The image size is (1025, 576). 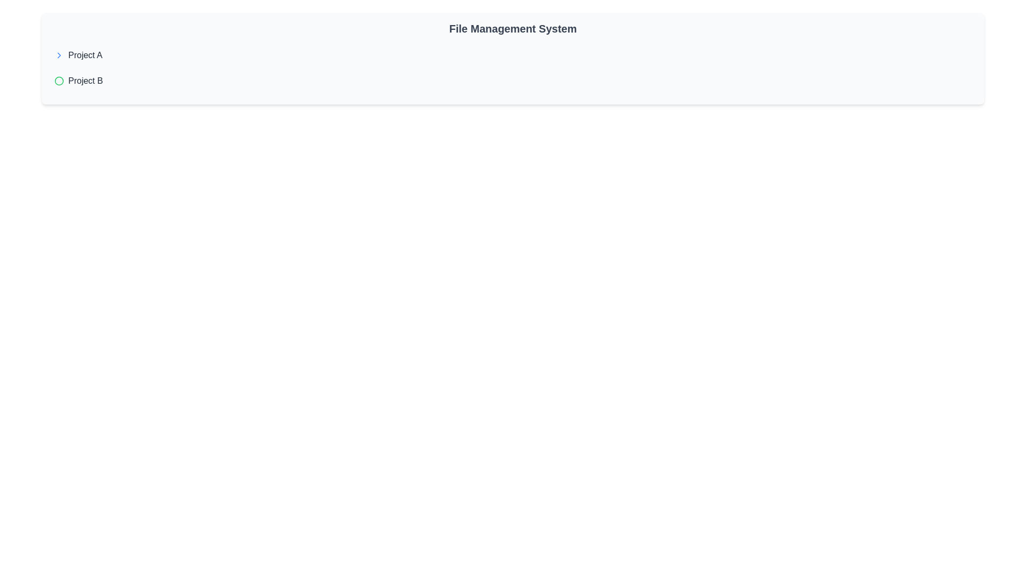 What do you see at coordinates (58, 55) in the screenshot?
I see `the blue chevron icon located to the left of the label 'Project A' in the item list` at bounding box center [58, 55].